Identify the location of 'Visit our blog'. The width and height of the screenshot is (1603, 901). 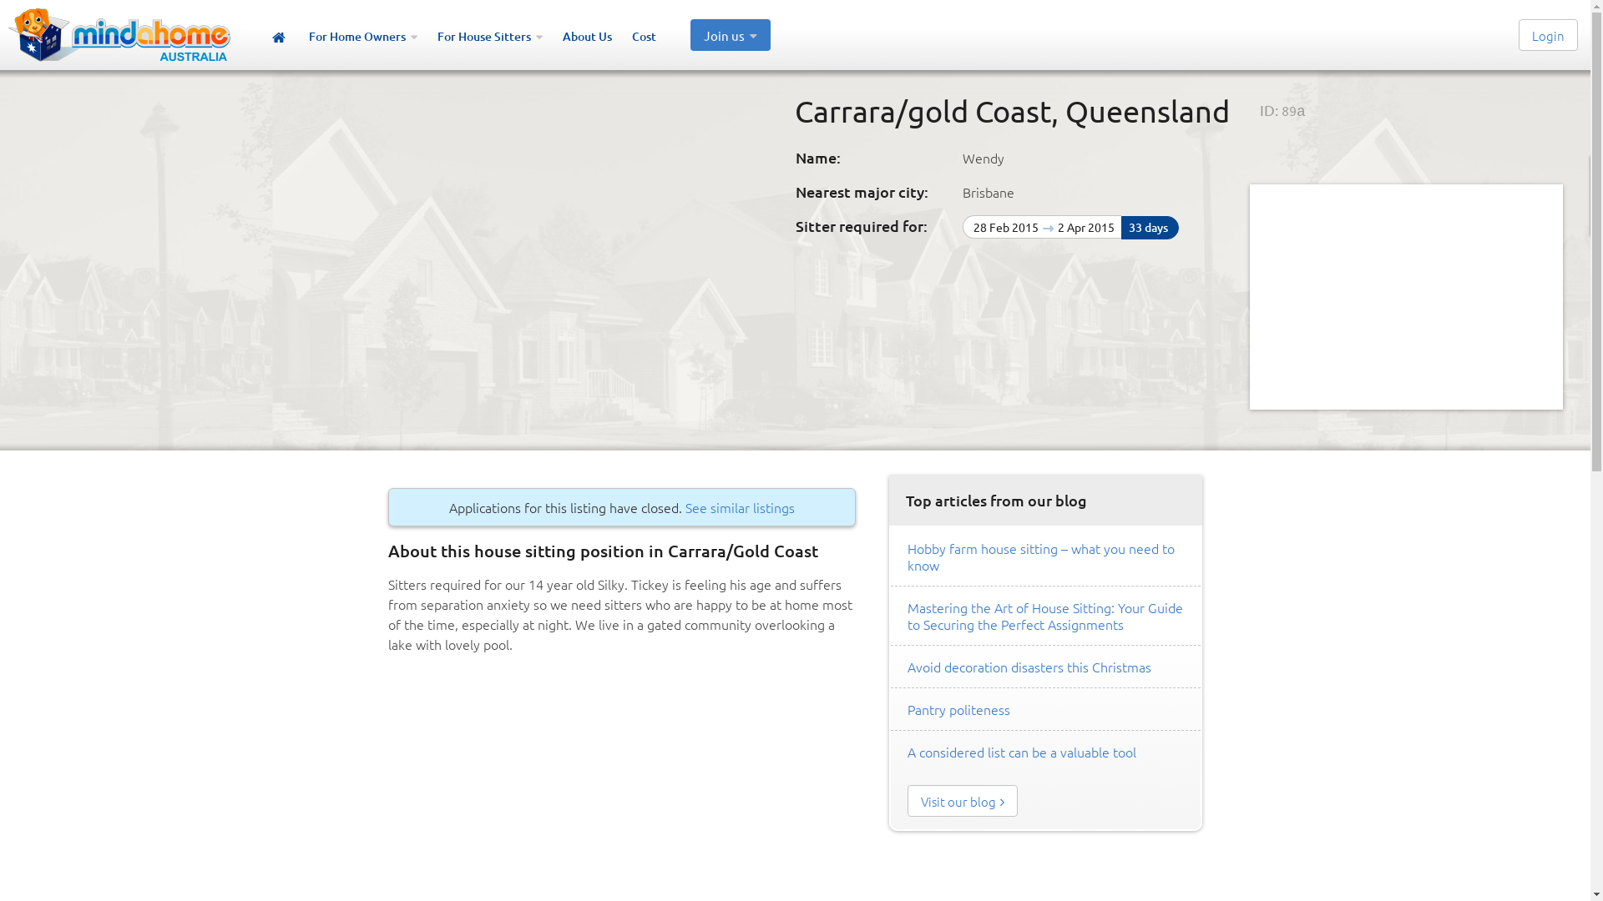
(962, 800).